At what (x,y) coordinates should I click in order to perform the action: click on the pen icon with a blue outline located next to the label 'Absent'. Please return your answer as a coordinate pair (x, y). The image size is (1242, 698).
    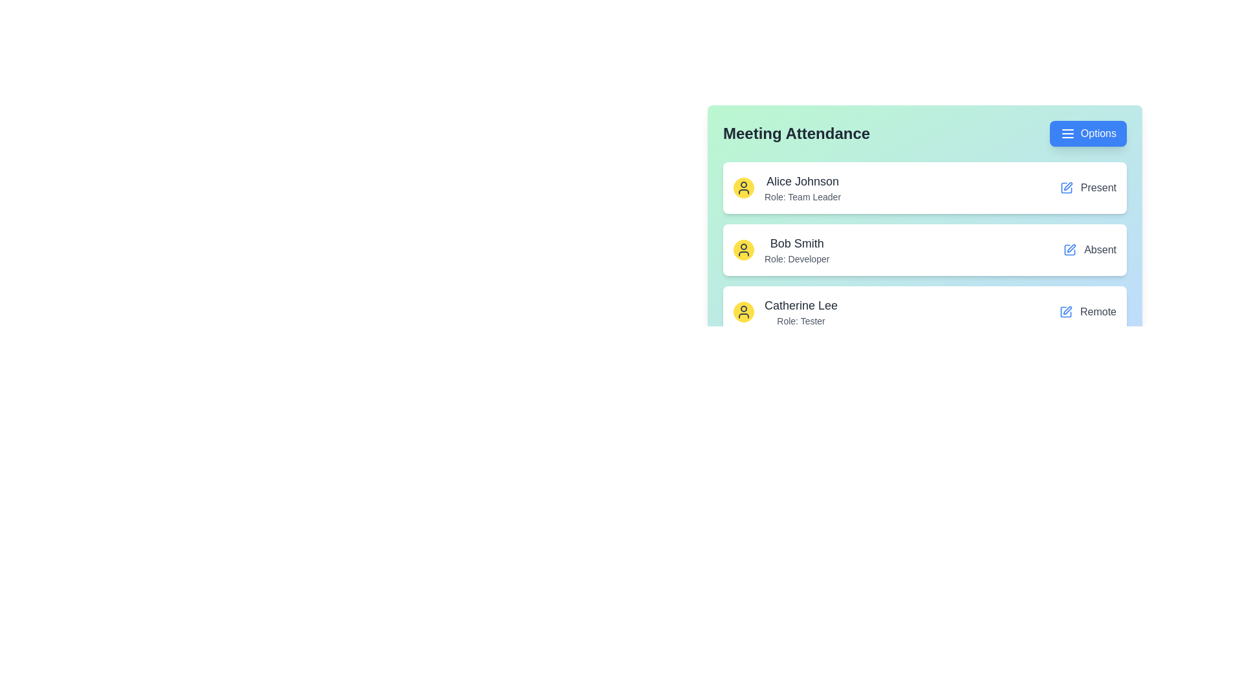
    Looking at the image, I should click on (1071, 248).